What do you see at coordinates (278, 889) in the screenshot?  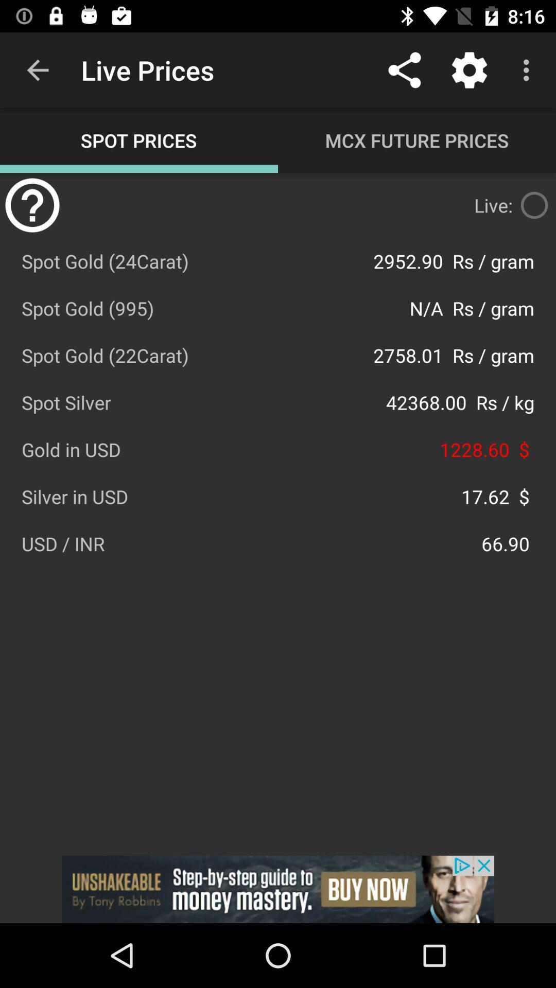 I see `advertisemen link` at bounding box center [278, 889].